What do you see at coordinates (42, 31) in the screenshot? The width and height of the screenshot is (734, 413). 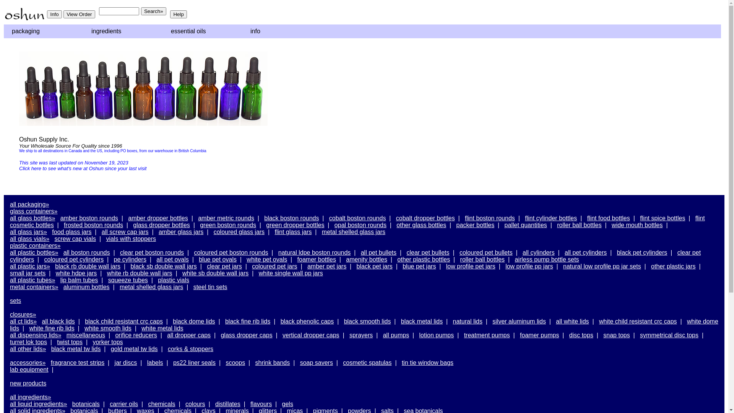 I see `'packaging'` at bounding box center [42, 31].